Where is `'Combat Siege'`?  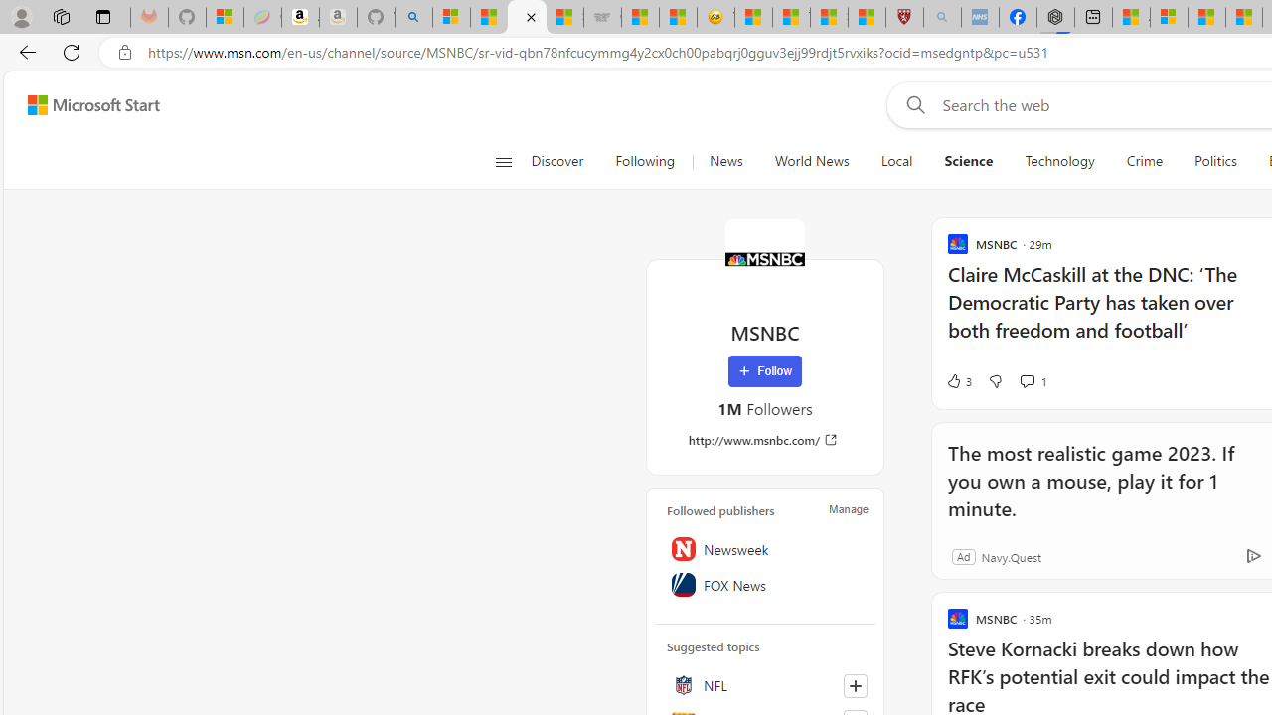 'Combat Siege' is located at coordinates (601, 17).